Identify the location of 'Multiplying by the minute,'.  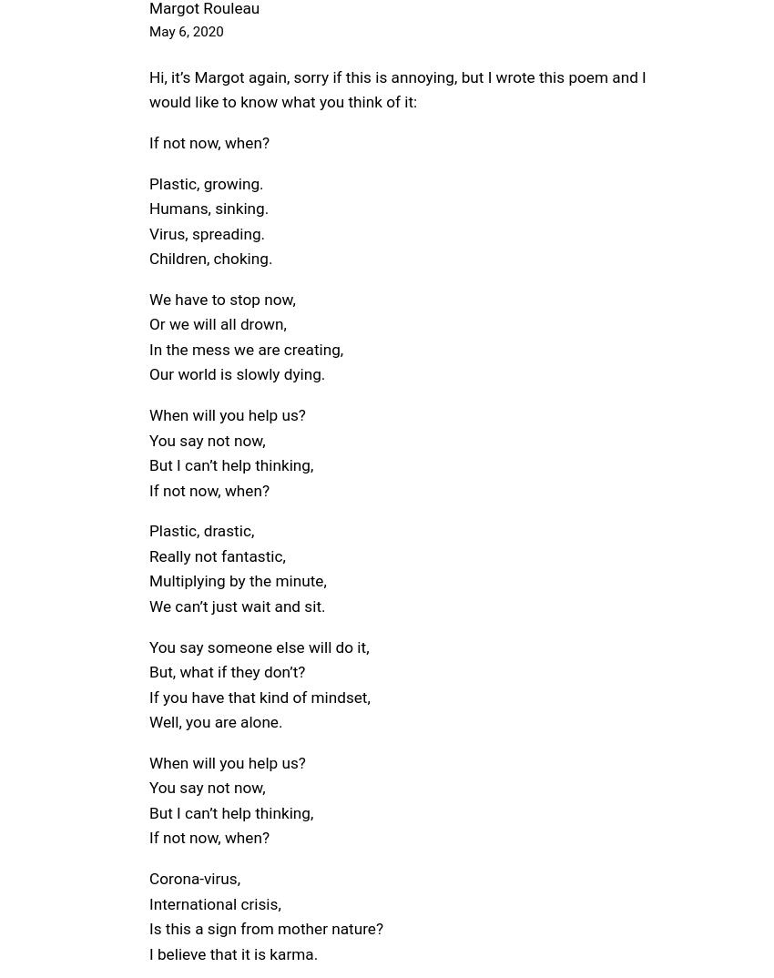
(237, 580).